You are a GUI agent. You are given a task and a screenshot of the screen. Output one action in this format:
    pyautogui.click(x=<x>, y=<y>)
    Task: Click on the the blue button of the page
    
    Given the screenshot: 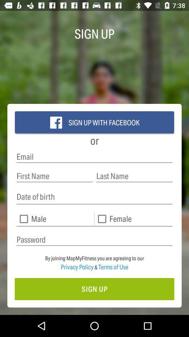 What is the action you would take?
    pyautogui.click(x=94, y=123)
    